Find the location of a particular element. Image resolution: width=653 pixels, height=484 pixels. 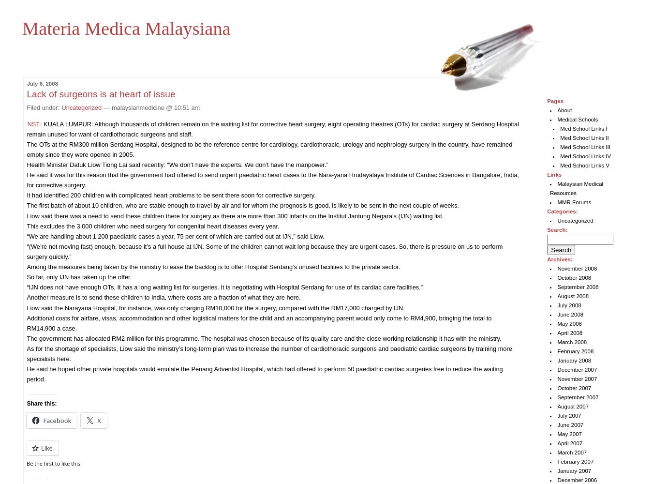

'November 2008' is located at coordinates (576, 269).